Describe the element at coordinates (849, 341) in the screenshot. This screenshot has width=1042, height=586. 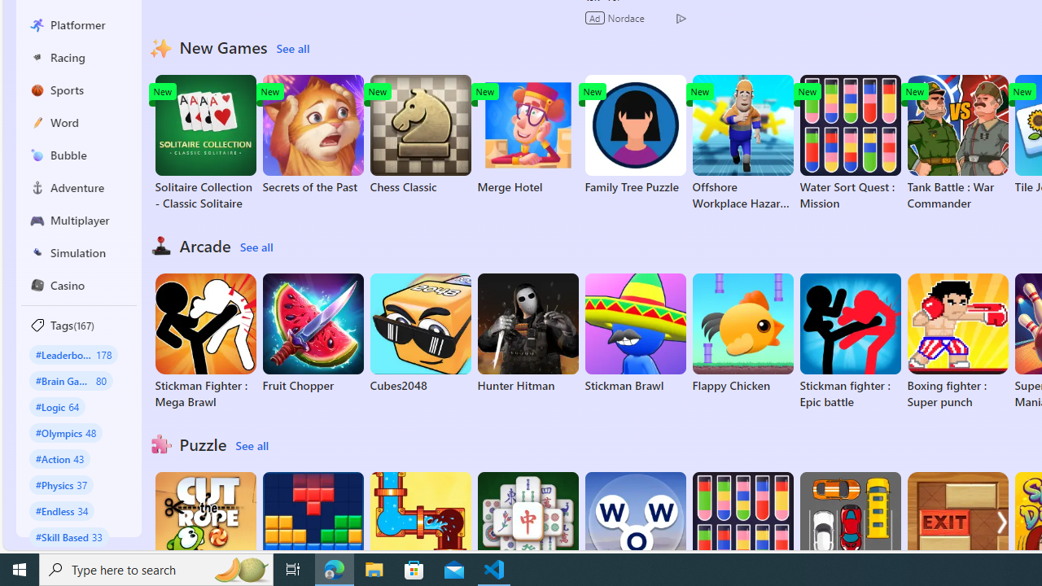
I see `'Stickman fighter : Epic battle'` at that location.